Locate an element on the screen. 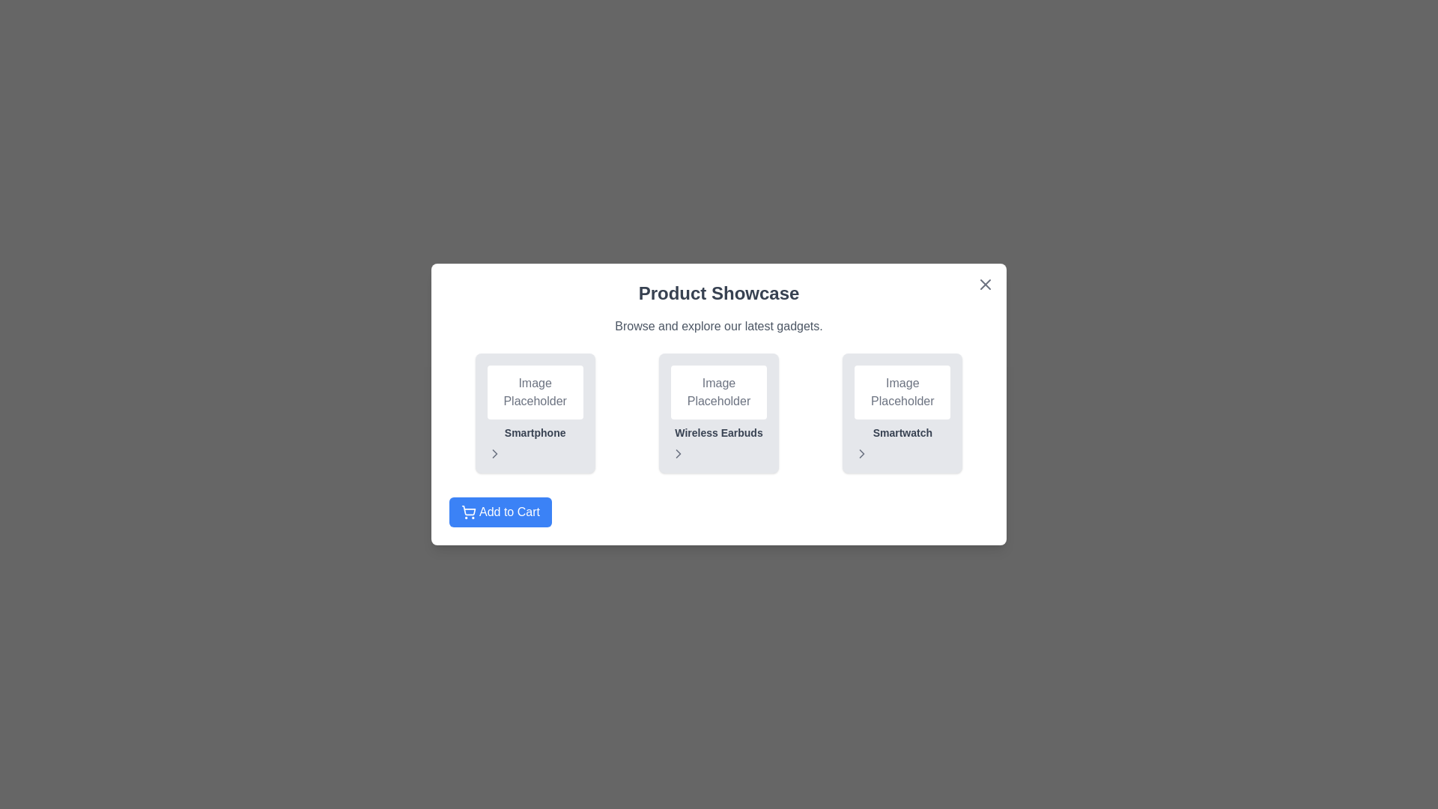 The image size is (1438, 809). the navigation button (icon-based) located at the bottom right of the 'Wireless Earbuds' card is located at coordinates (719, 452).